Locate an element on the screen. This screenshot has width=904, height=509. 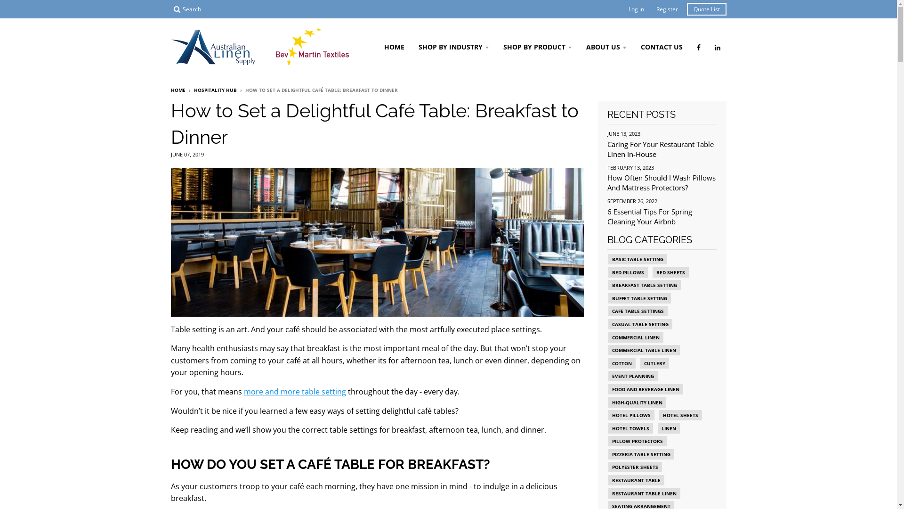
'BUFFET TABLE SETTING' is located at coordinates (639, 298).